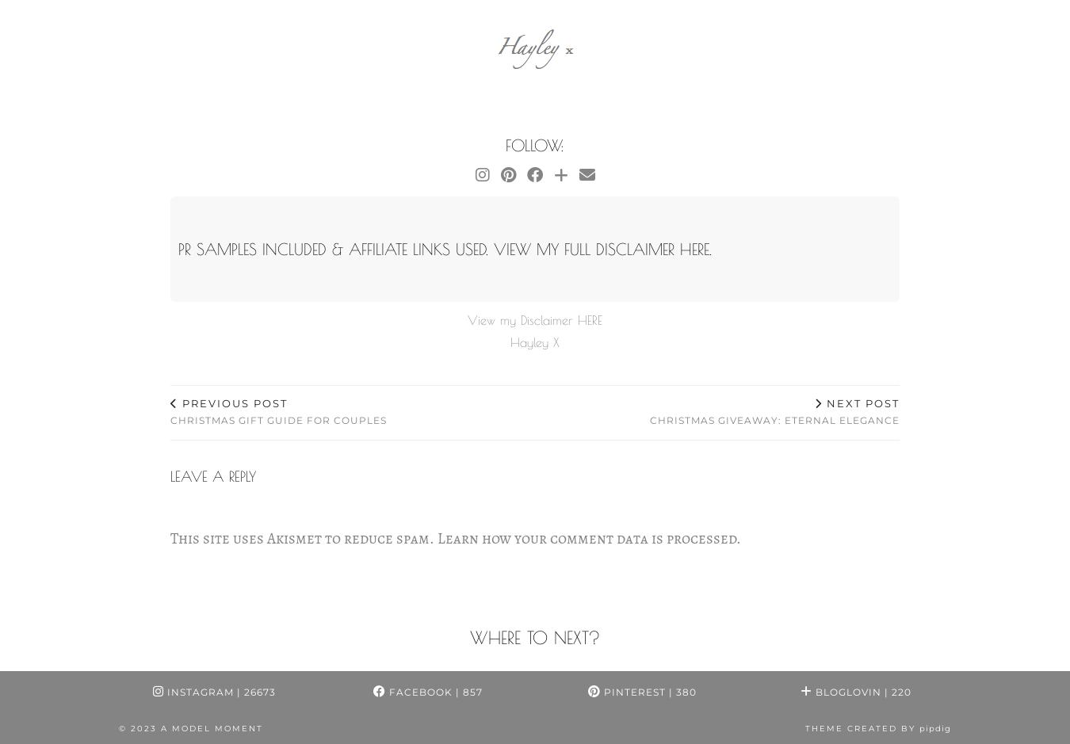  I want to click on 'CHRISTMAS GIVEAWAY: Eternal Elegance', so click(774, 420).